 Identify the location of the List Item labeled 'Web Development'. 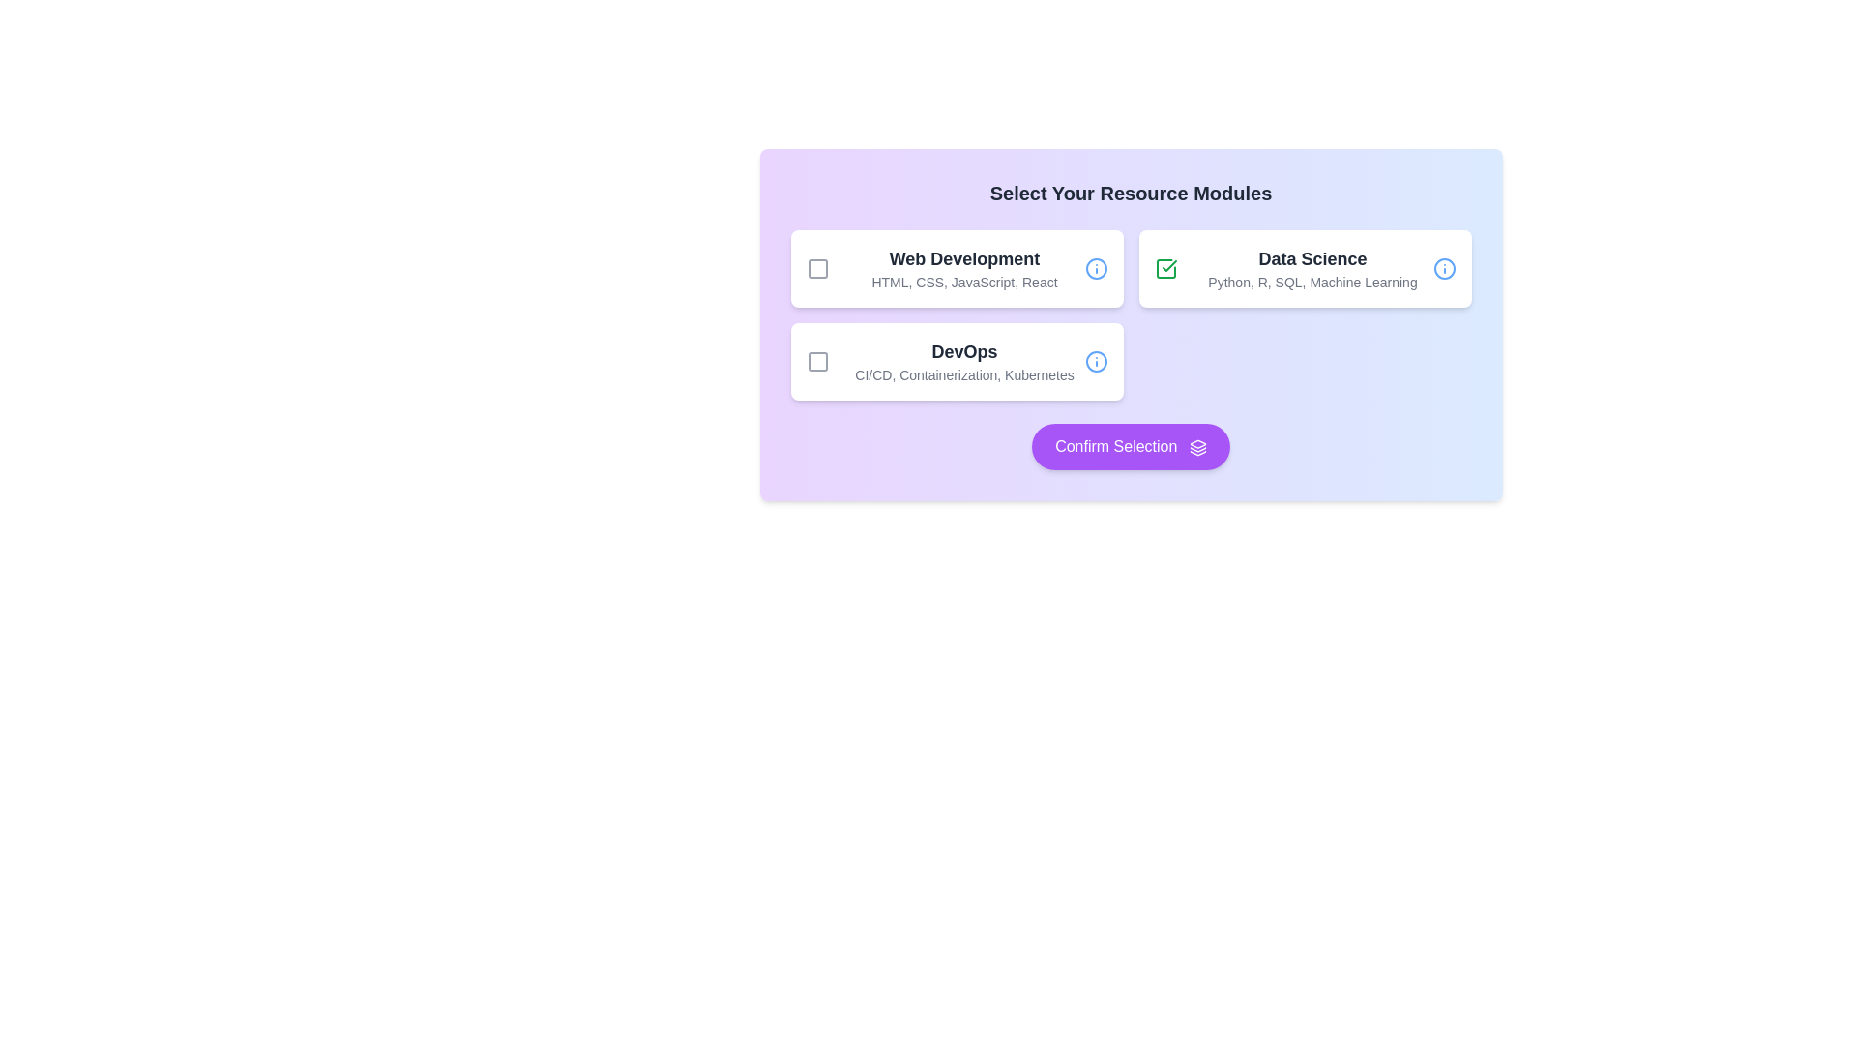
(957, 268).